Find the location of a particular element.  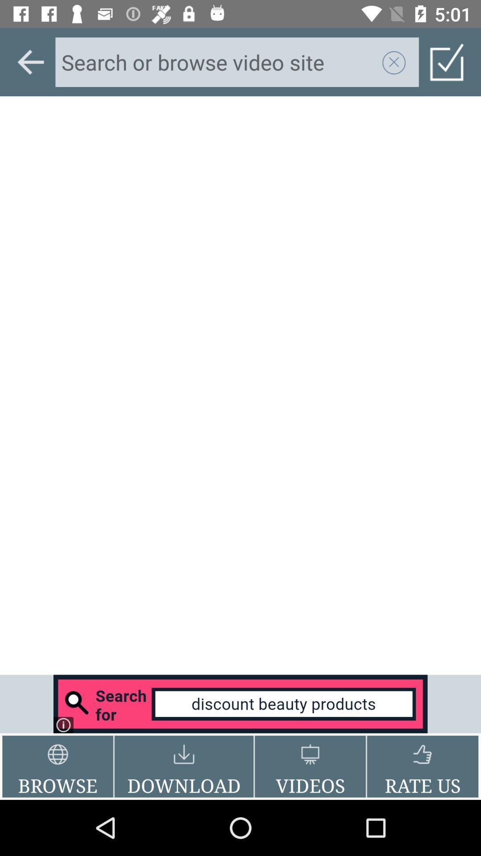

item at the top left corner is located at coordinates (30, 62).